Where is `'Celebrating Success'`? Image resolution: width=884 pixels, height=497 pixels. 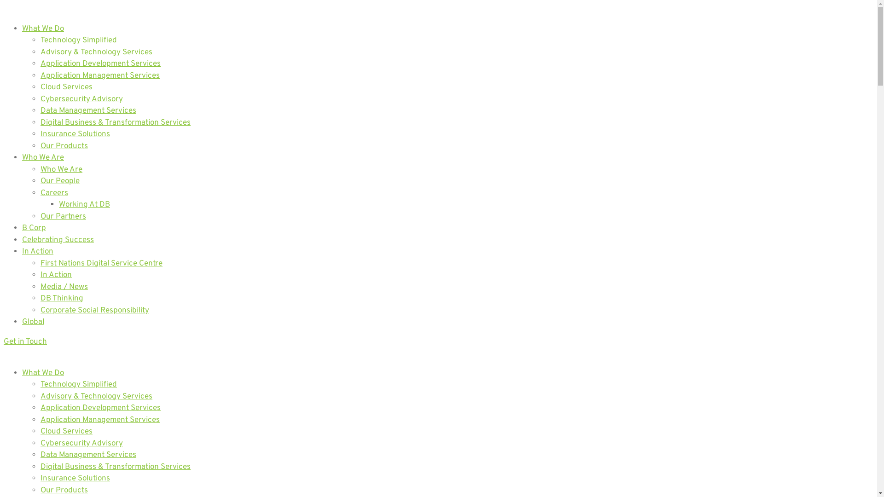
'Celebrating Success' is located at coordinates (57, 239).